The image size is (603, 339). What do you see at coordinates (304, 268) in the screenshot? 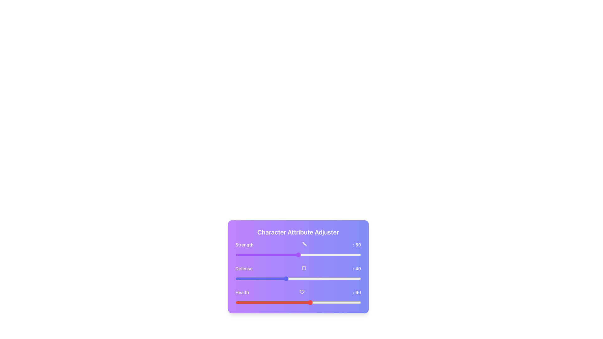
I see `the shield icon representing the defense attribute, located next to the text 'Defense : 40' in the 'Character Attribute Adjuster' module` at bounding box center [304, 268].